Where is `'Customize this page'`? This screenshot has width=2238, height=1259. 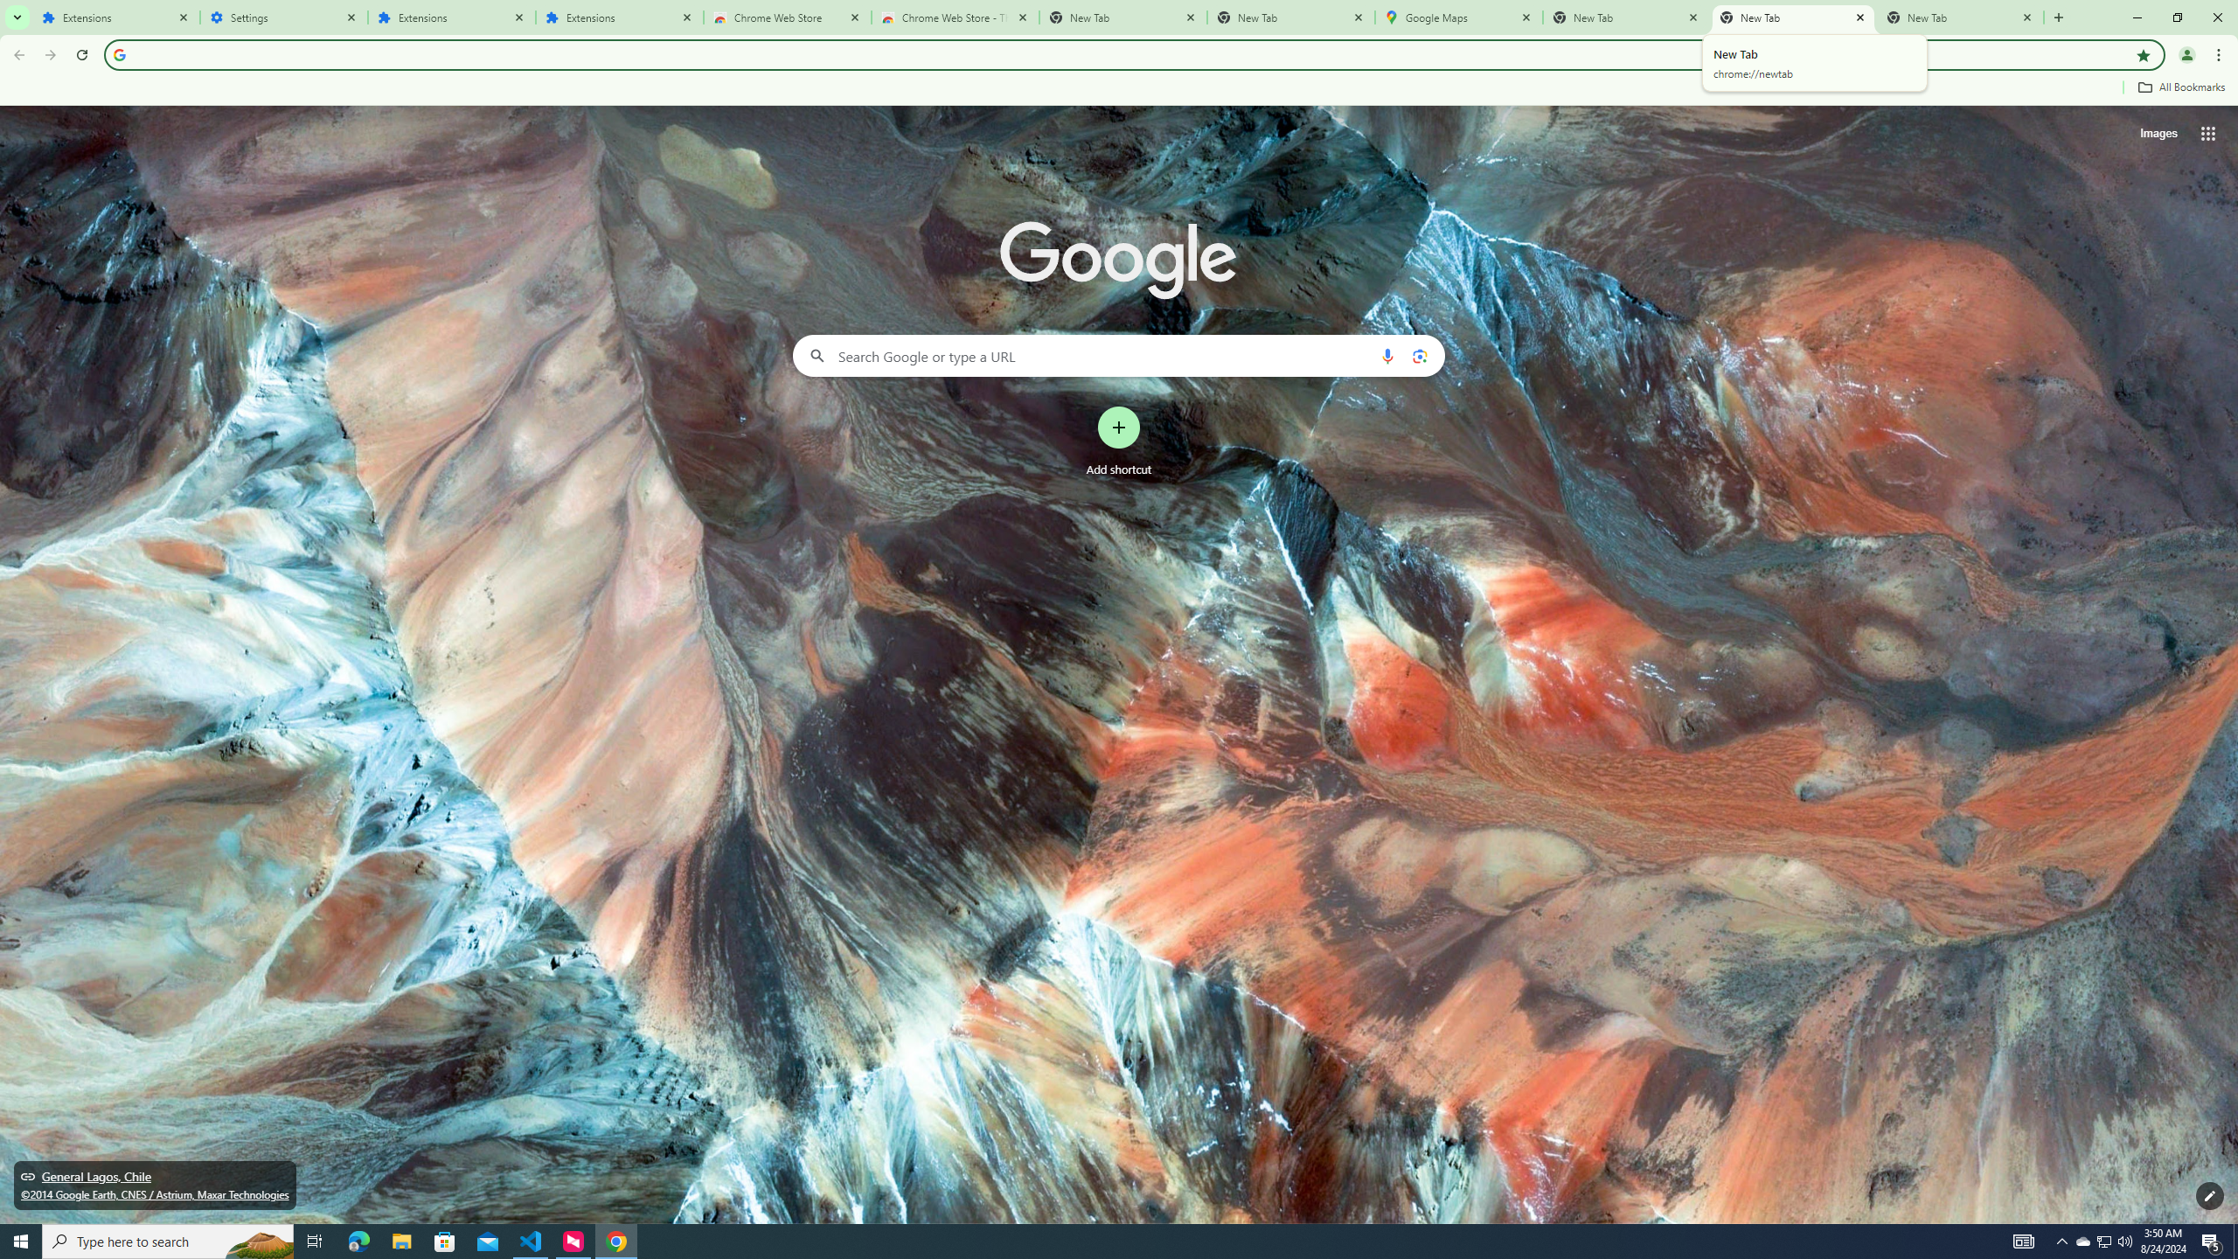 'Customize this page' is located at coordinates (2209, 1195).